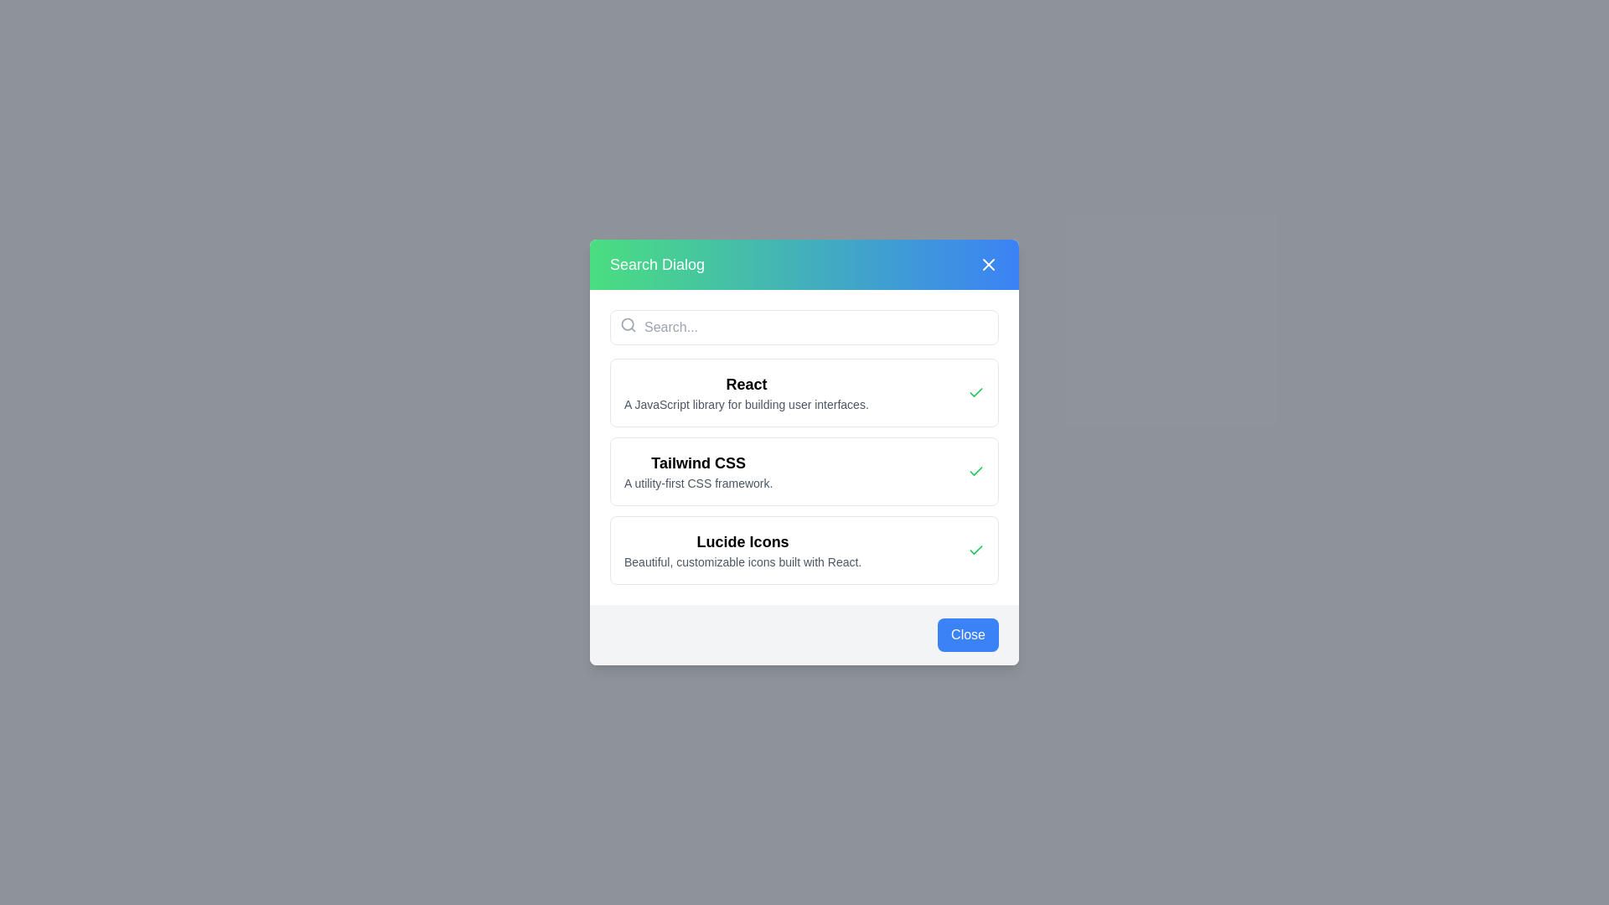 The height and width of the screenshot is (905, 1609). What do you see at coordinates (745, 404) in the screenshot?
I see `text label that displays 'A JavaScript library for building user interfaces.' located beneath the 'React' header in the dialog box` at bounding box center [745, 404].